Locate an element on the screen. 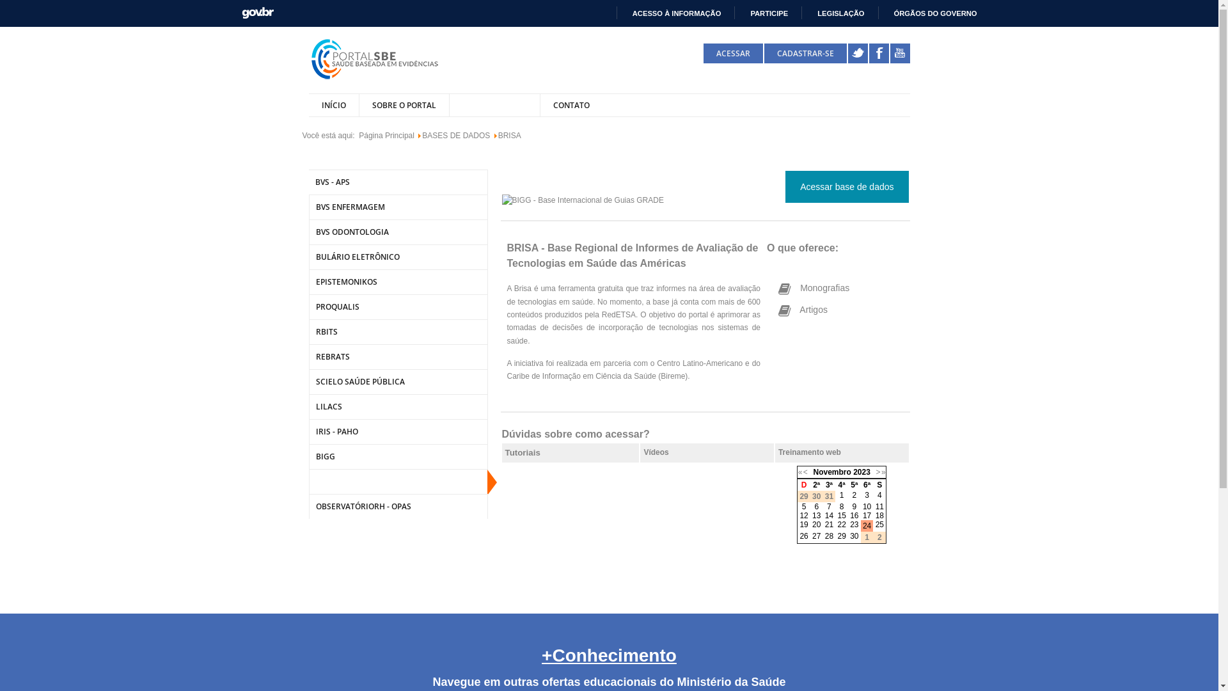  'Novembro' is located at coordinates (831, 472).